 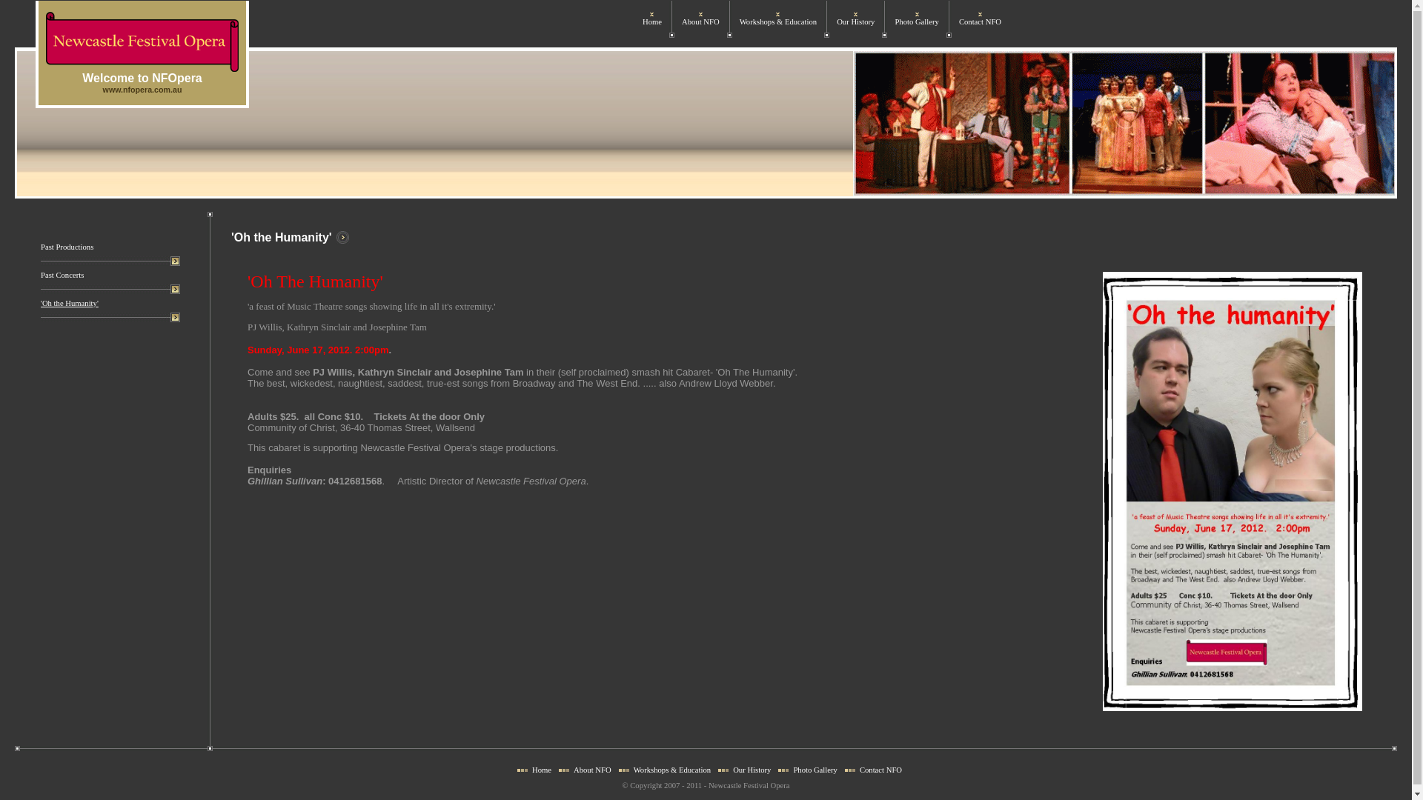 What do you see at coordinates (700, 22) in the screenshot?
I see `'About NFO'` at bounding box center [700, 22].